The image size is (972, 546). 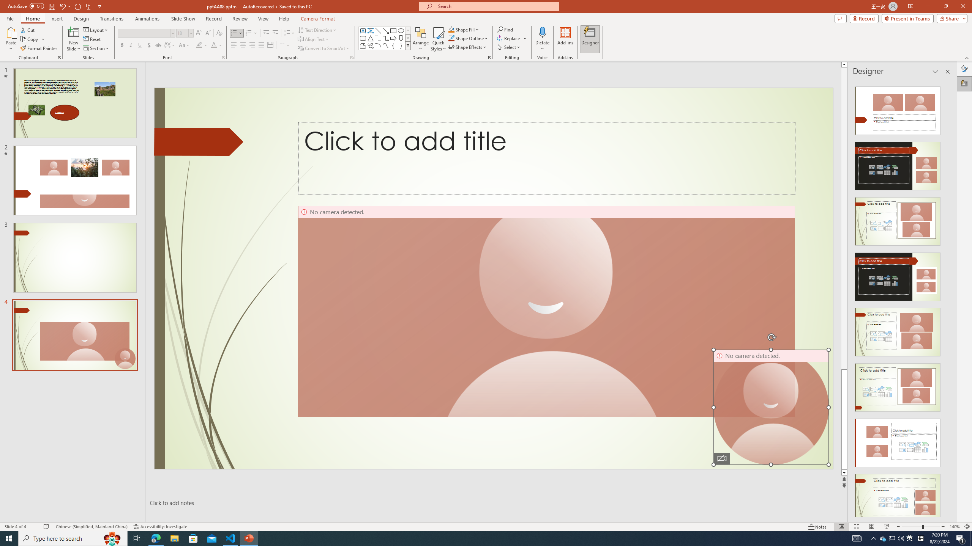 What do you see at coordinates (88, 6) in the screenshot?
I see `'From Beginning'` at bounding box center [88, 6].